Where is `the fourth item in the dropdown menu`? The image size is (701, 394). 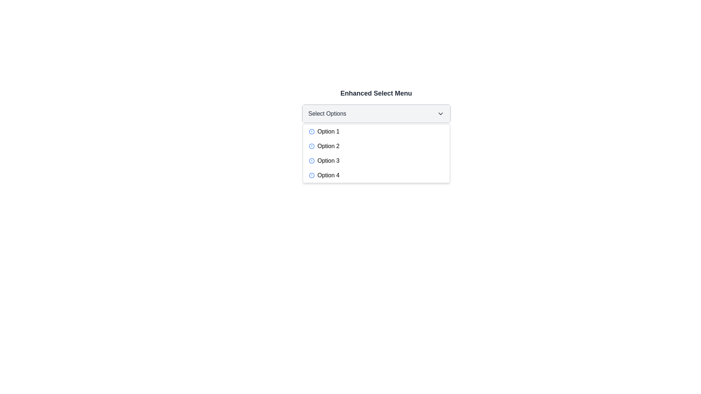 the fourth item in the dropdown menu is located at coordinates (323, 175).